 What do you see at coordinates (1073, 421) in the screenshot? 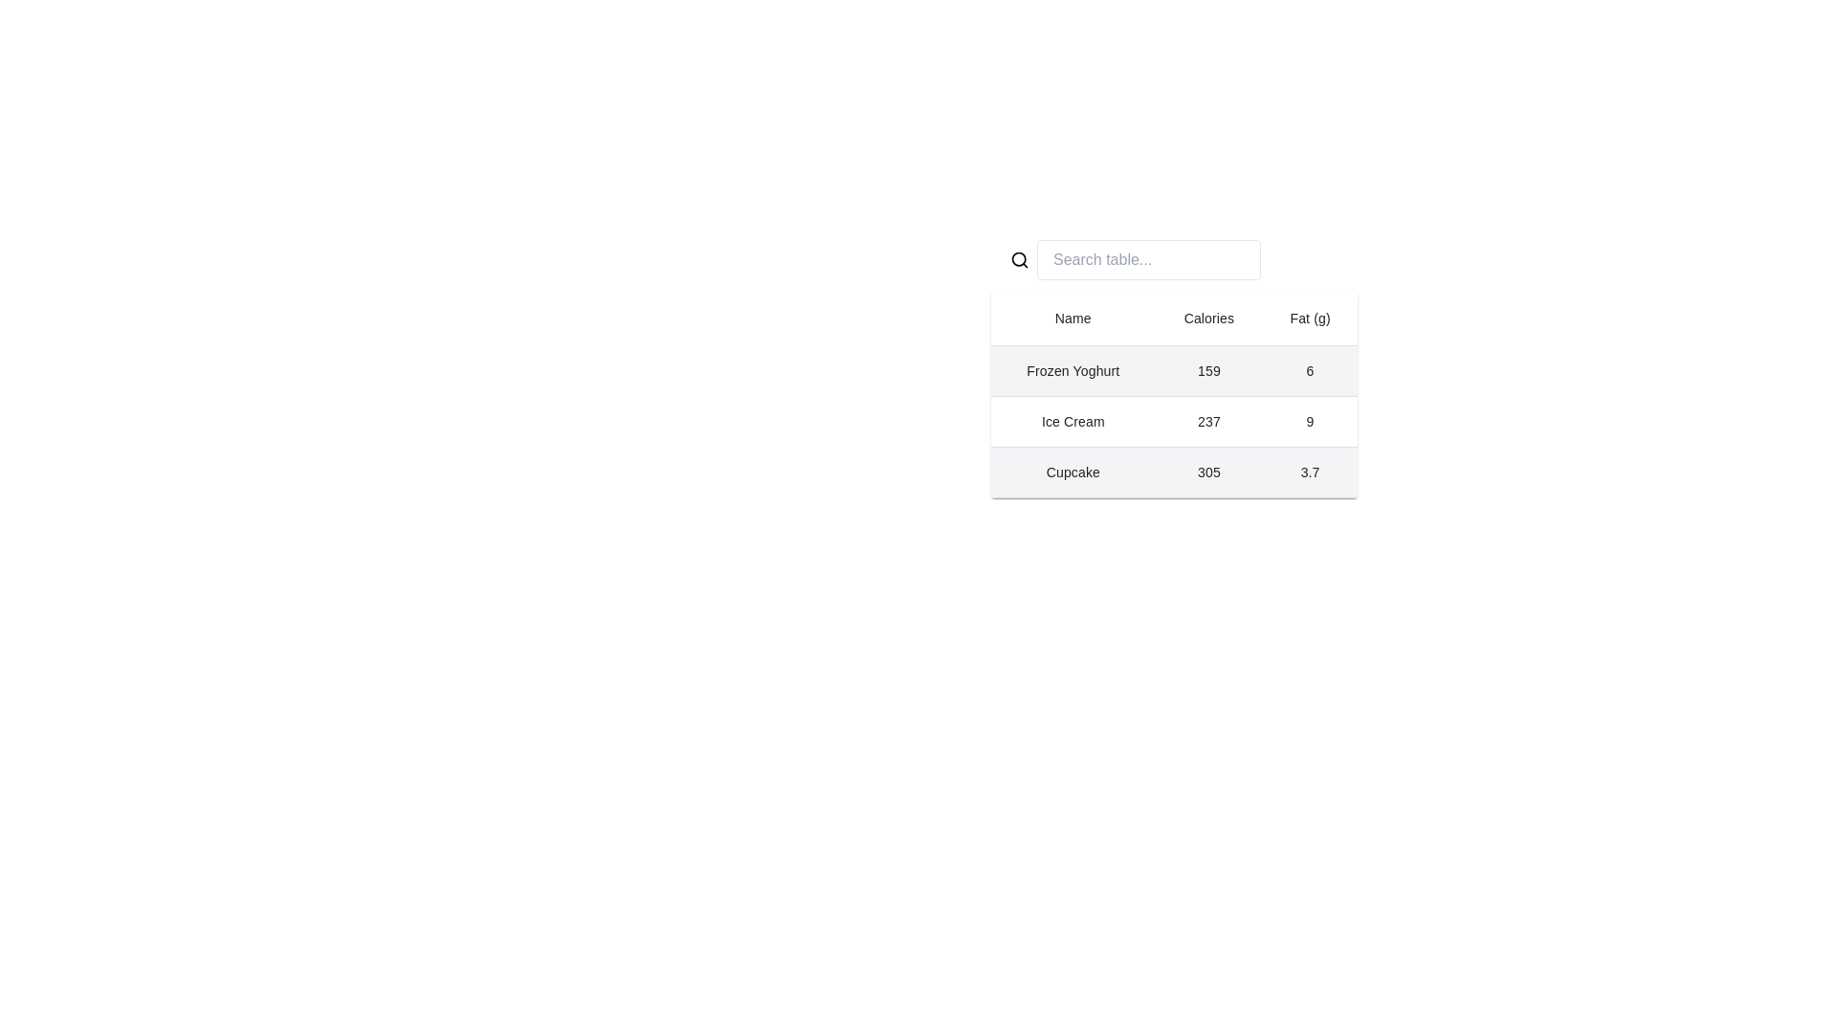
I see `the table cell containing the text 'Ice Cream'` at bounding box center [1073, 421].